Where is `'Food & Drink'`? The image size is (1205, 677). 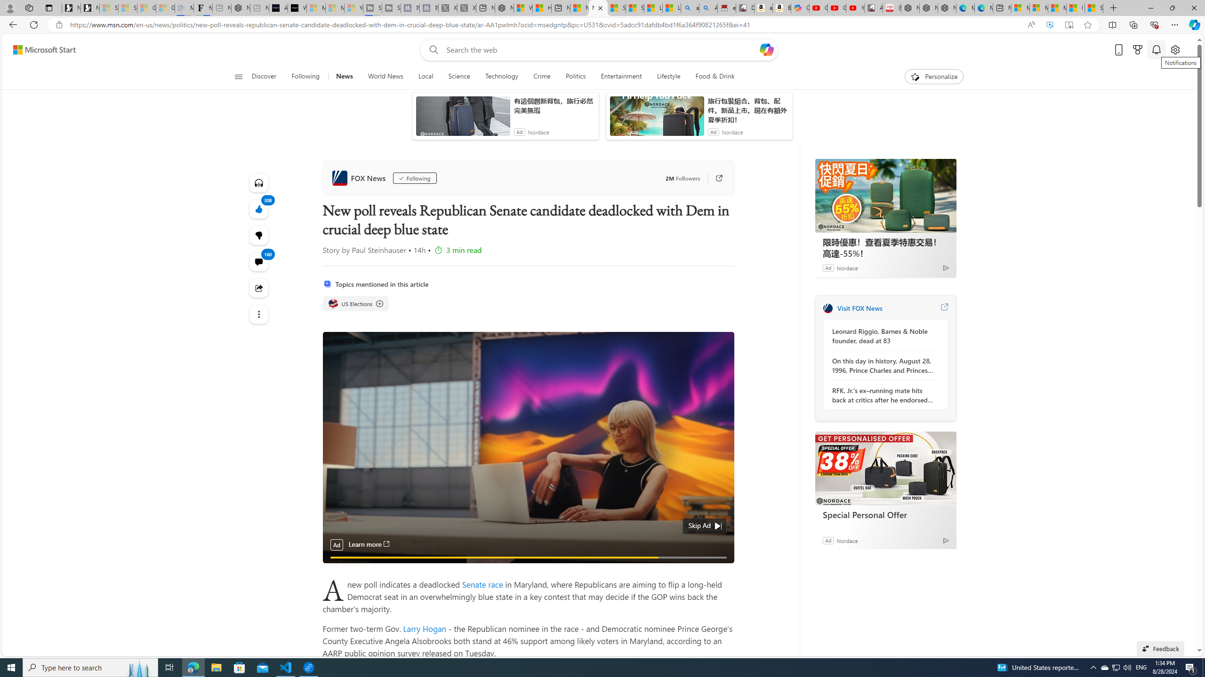
'Food & Drink' is located at coordinates (711, 76).